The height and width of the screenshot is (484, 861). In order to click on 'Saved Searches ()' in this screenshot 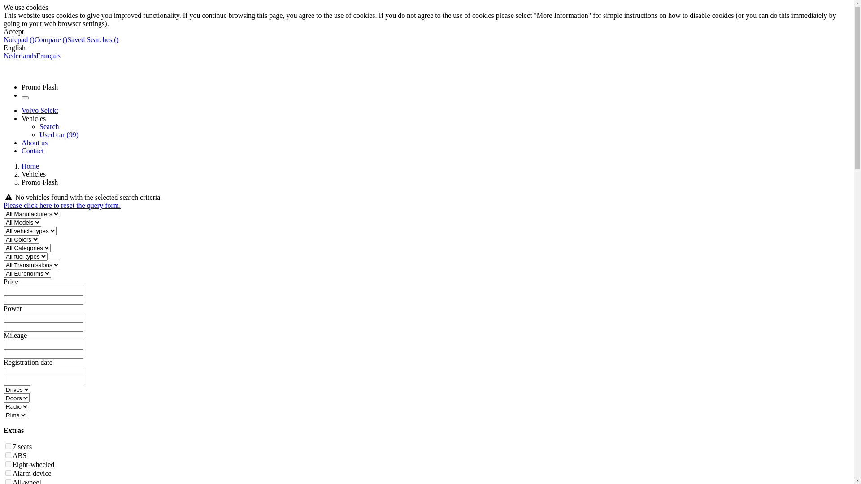, I will do `click(93, 39)`.